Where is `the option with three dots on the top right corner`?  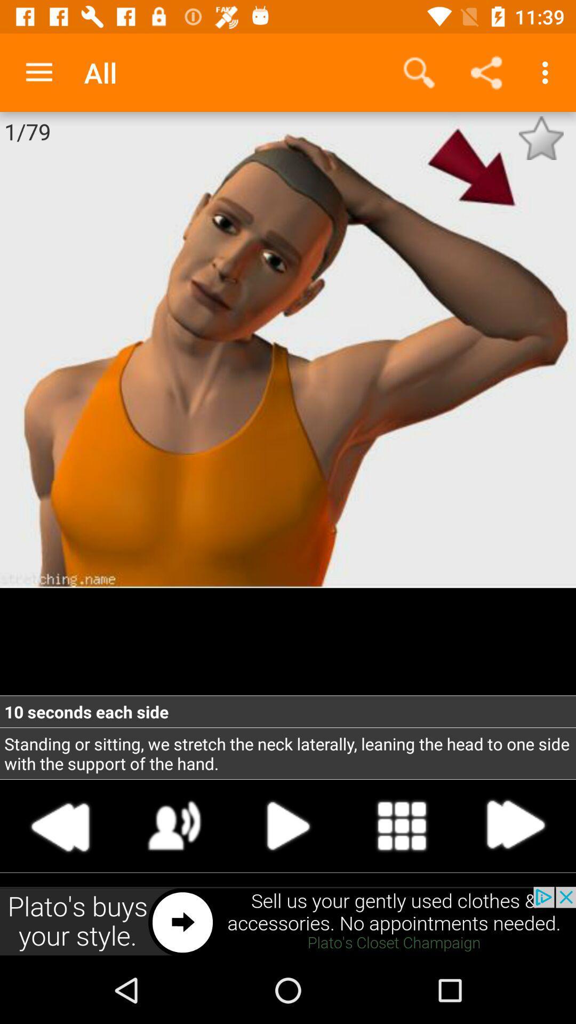
the option with three dots on the top right corner is located at coordinates (548, 73).